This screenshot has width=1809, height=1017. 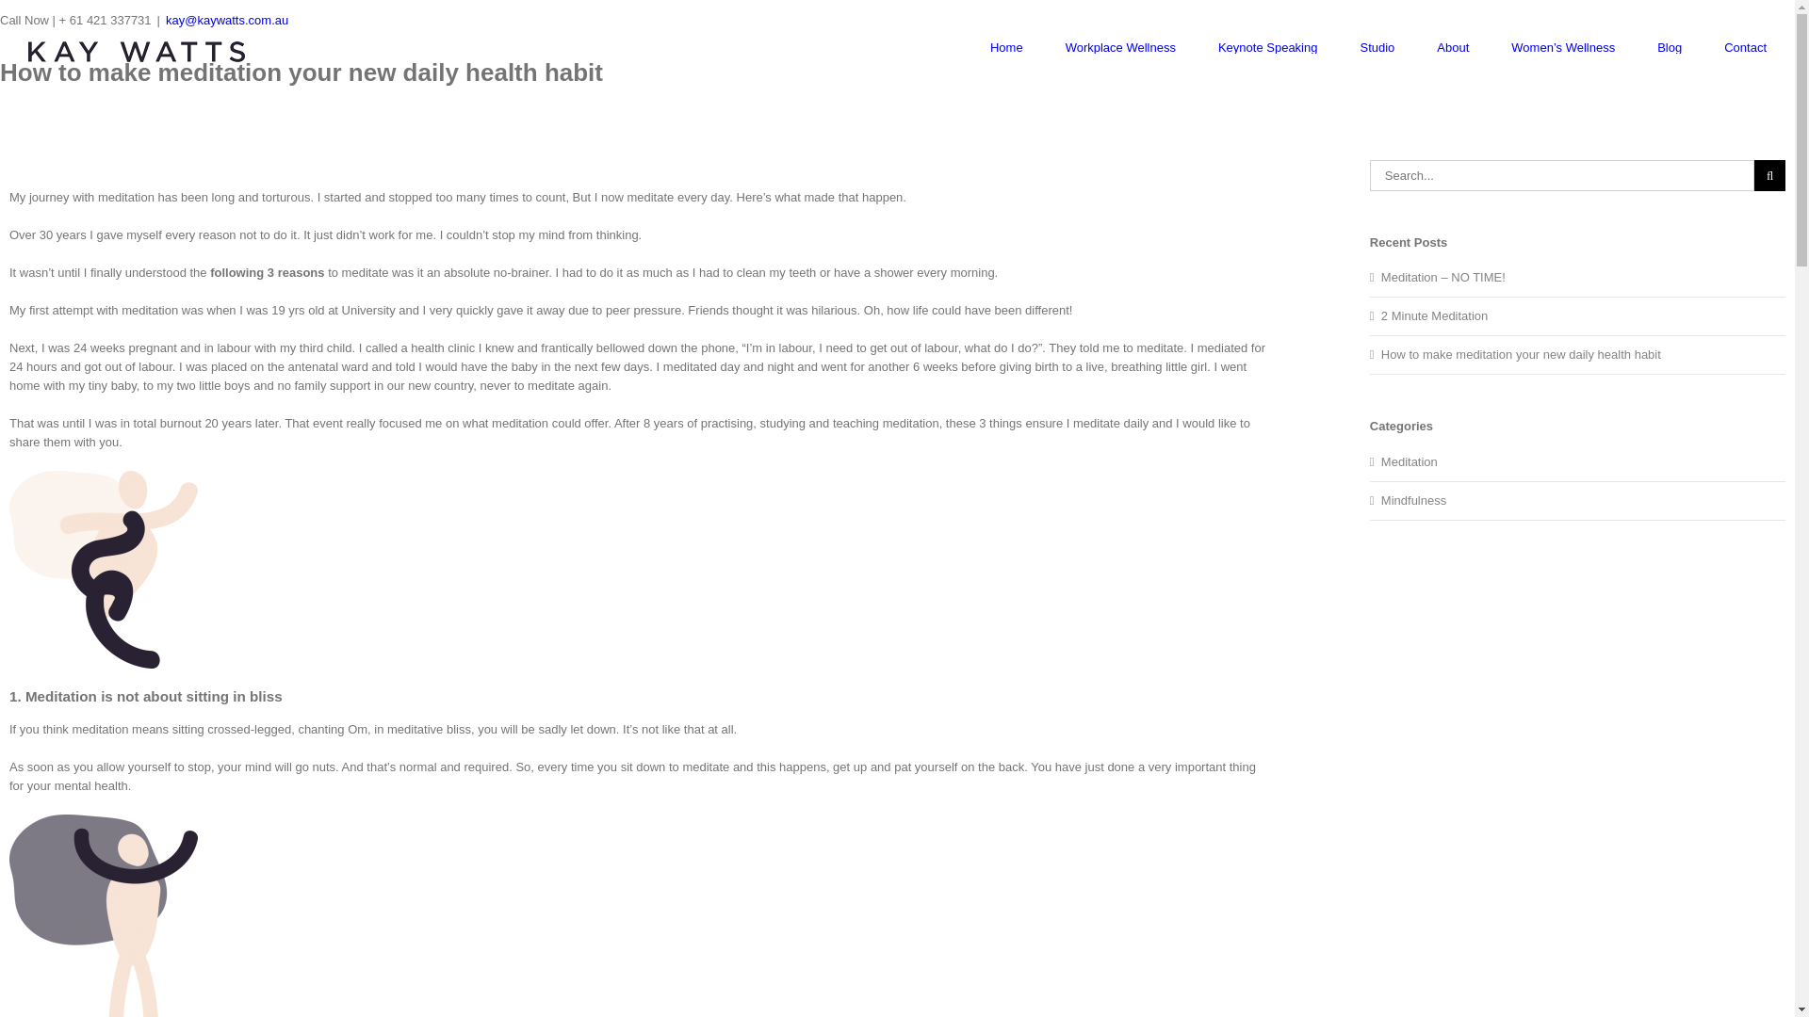 What do you see at coordinates (989, 46) in the screenshot?
I see `'Home'` at bounding box center [989, 46].